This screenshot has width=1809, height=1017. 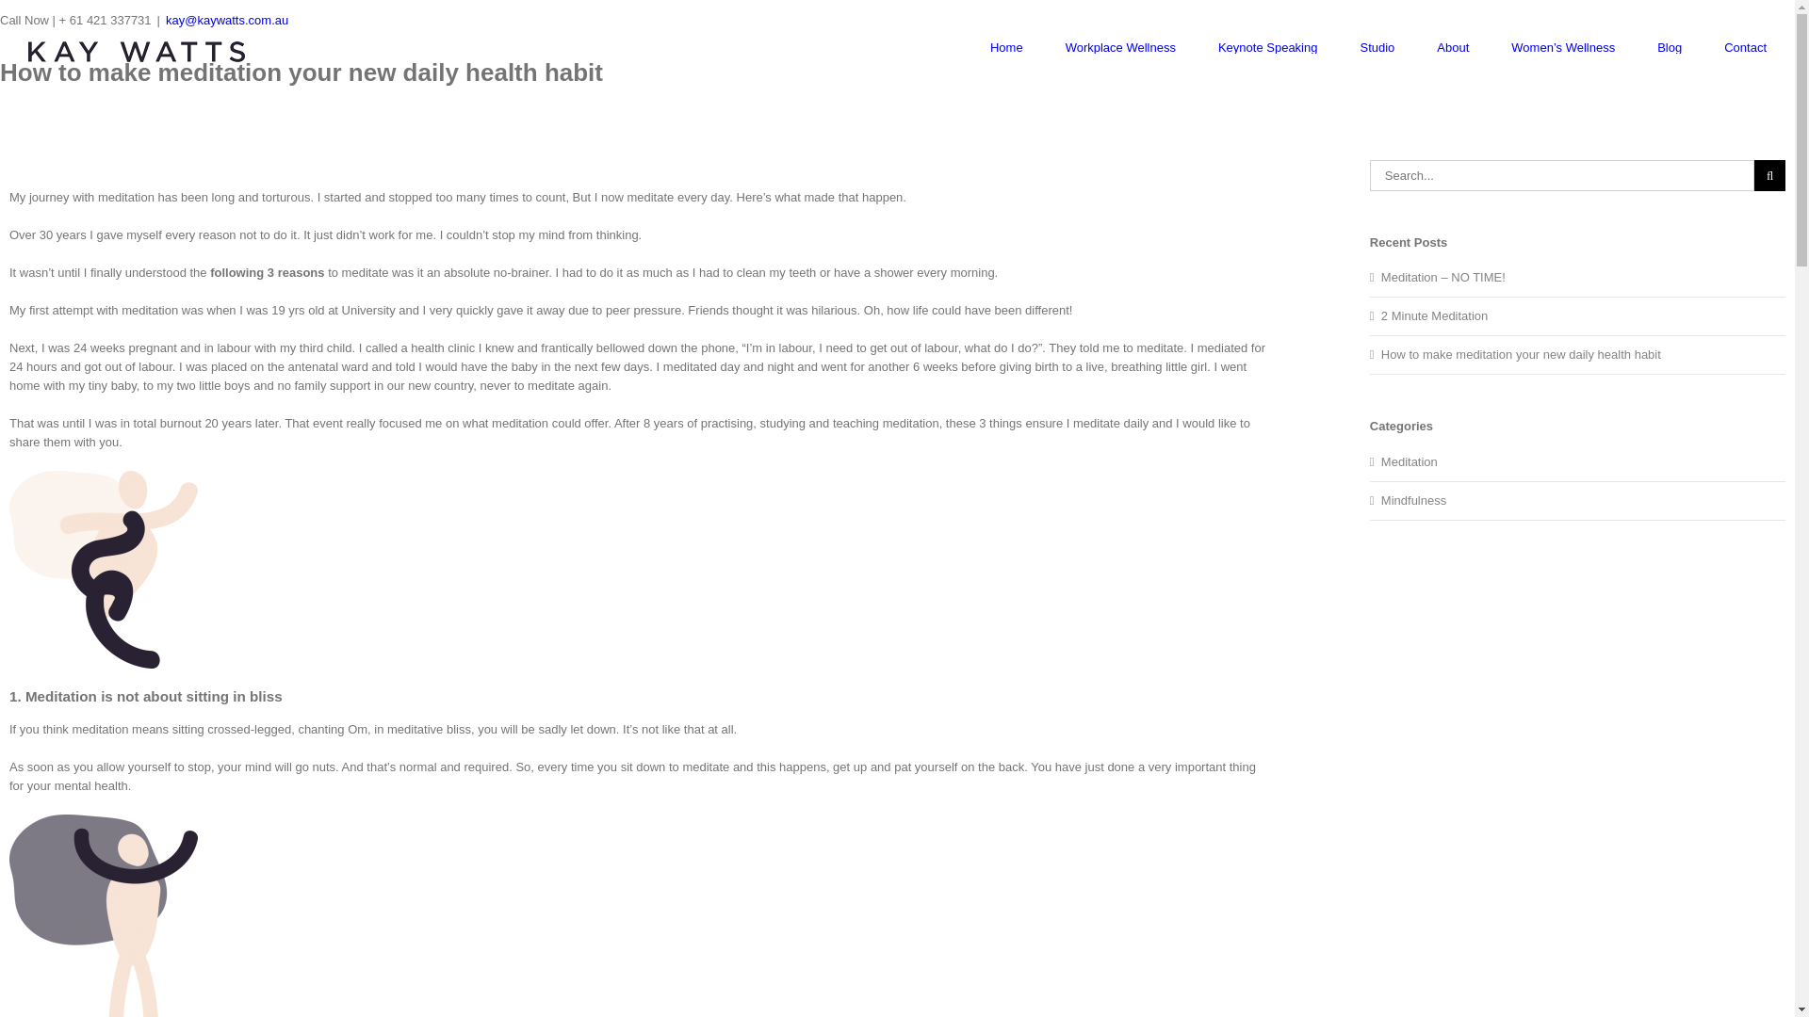 What do you see at coordinates (989, 46) in the screenshot?
I see `'Home'` at bounding box center [989, 46].